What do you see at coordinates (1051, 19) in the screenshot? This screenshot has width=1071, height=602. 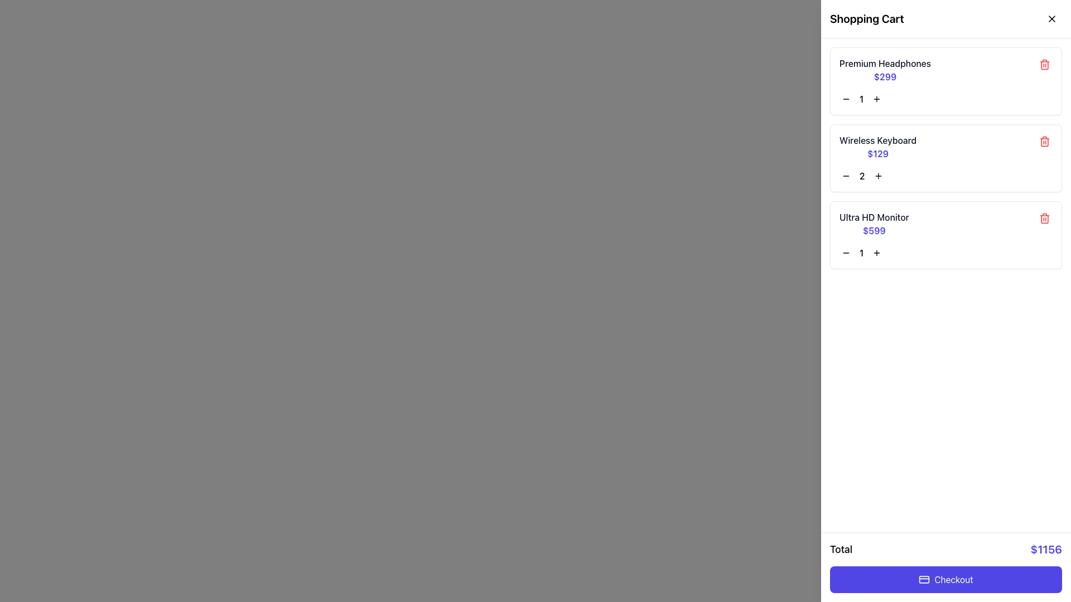 I see `the 'X' icon in the top-right corner of the 'Shopping Cart' interface` at bounding box center [1051, 19].